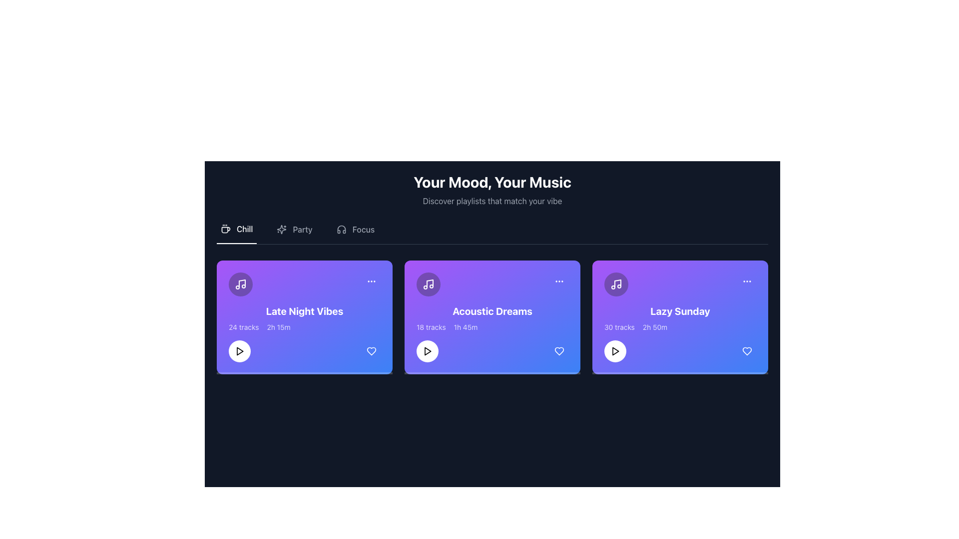  What do you see at coordinates (558, 281) in the screenshot?
I see `the icon button consisting of three horizontal dots located at the top-right corner of the 'Acoustic Dreams' playlist card` at bounding box center [558, 281].